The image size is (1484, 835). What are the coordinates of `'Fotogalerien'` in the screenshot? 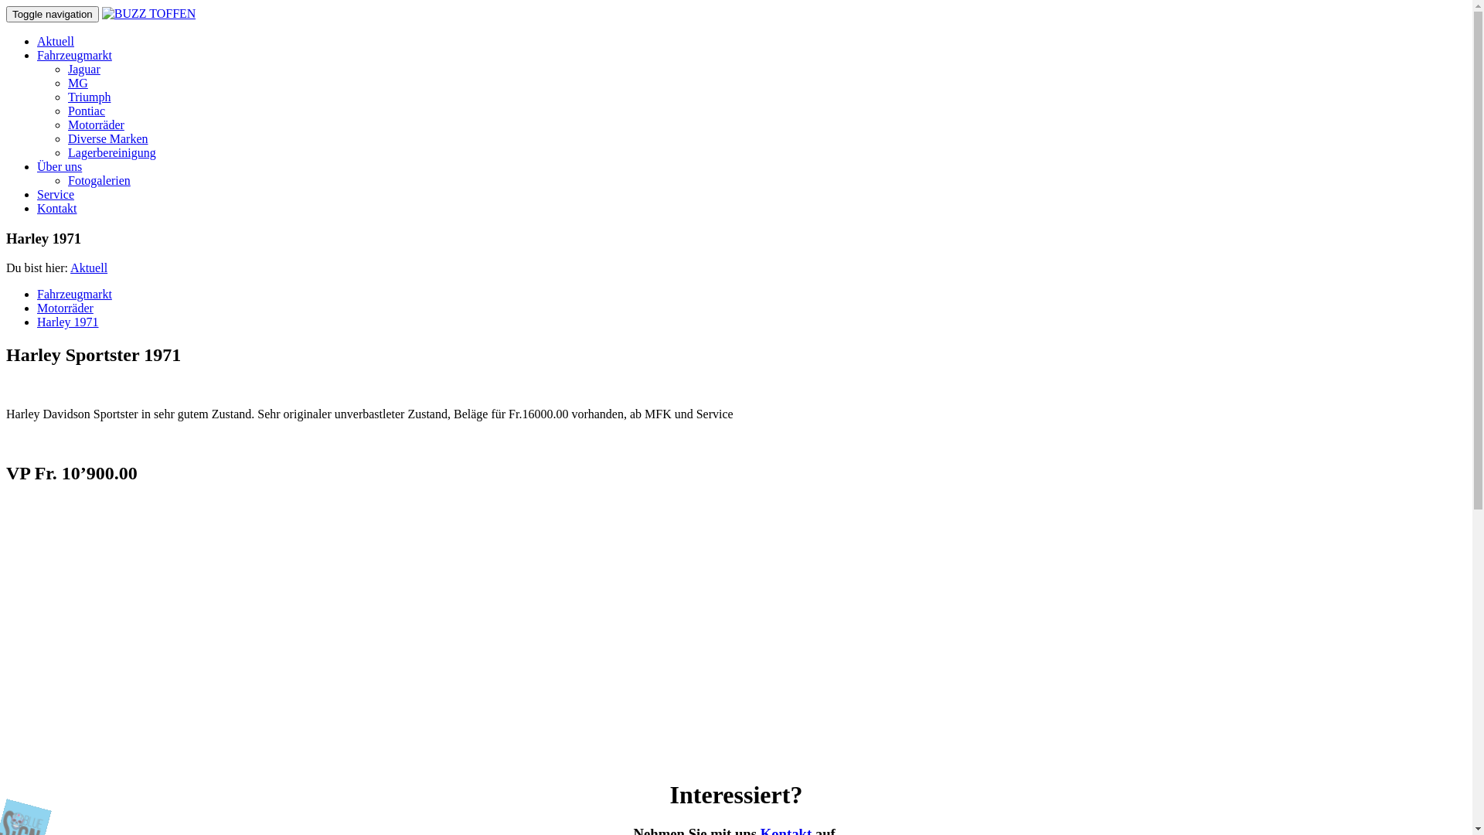 It's located at (98, 179).